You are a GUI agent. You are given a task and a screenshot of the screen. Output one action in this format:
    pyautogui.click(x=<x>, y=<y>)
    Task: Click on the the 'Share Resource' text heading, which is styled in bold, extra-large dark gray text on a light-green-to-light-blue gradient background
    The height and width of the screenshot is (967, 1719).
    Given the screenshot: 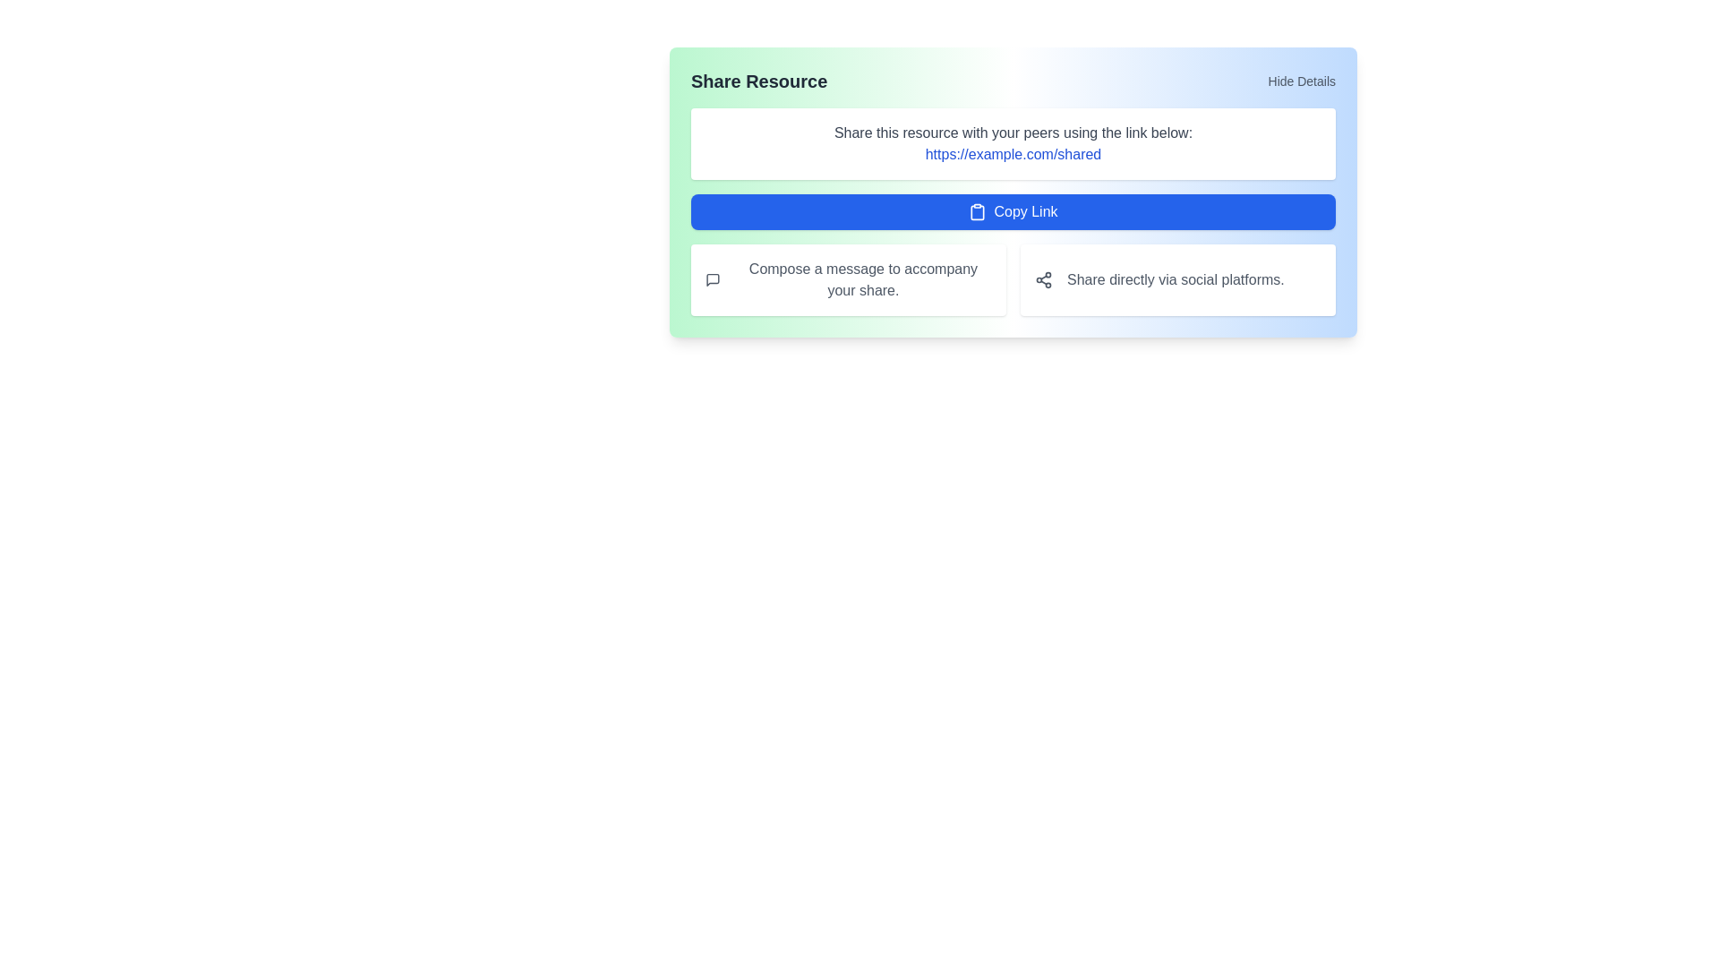 What is the action you would take?
    pyautogui.click(x=759, y=81)
    